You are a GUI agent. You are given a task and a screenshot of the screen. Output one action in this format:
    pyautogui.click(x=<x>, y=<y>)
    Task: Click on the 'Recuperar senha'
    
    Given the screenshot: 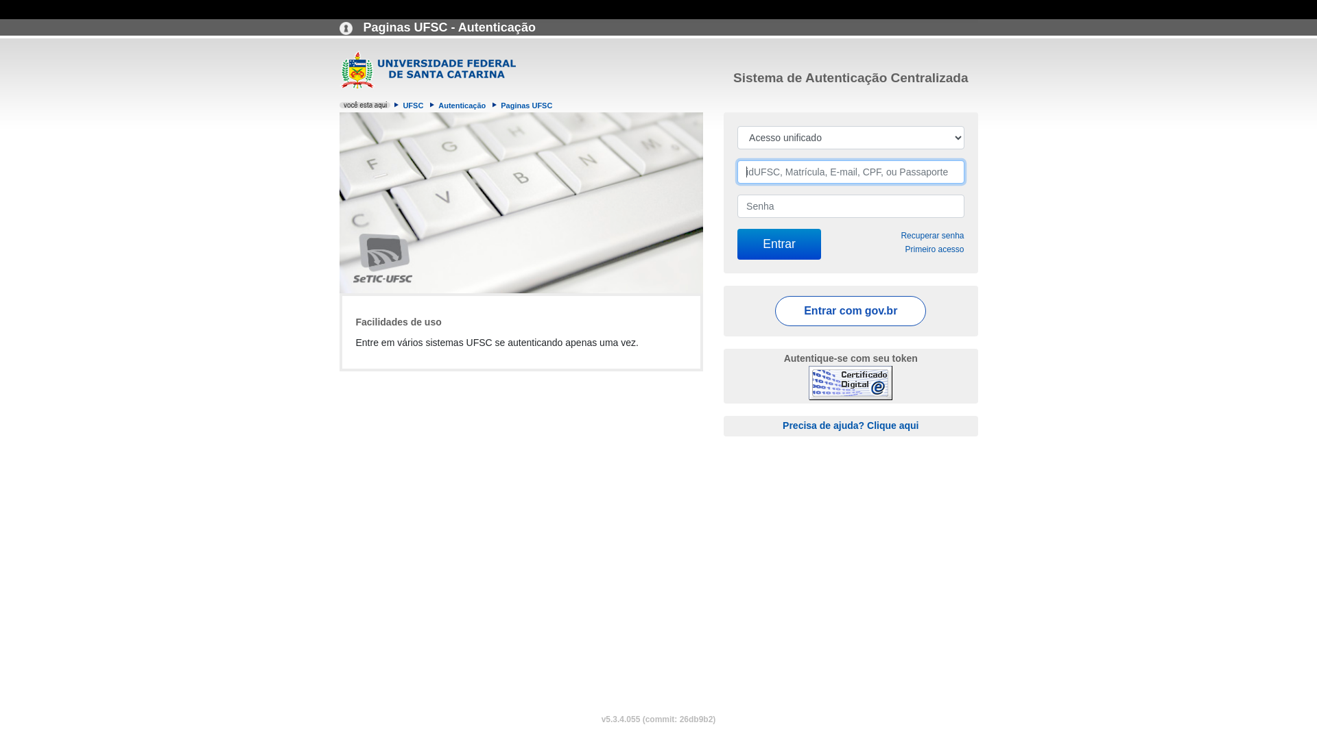 What is the action you would take?
    pyautogui.click(x=901, y=234)
    